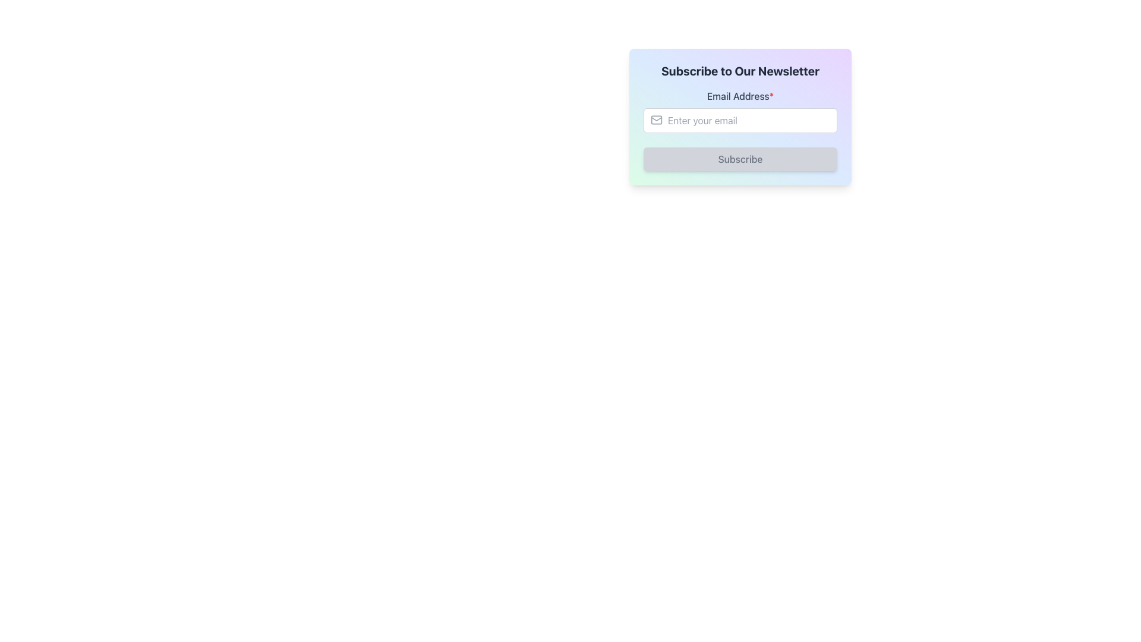 The width and height of the screenshot is (1141, 642). Describe the element at coordinates (740, 96) in the screenshot. I see `Text Label indicating the purpose of the email input field within the pop-up section, located below the header 'Subscribe to Our Newsletter'` at that location.